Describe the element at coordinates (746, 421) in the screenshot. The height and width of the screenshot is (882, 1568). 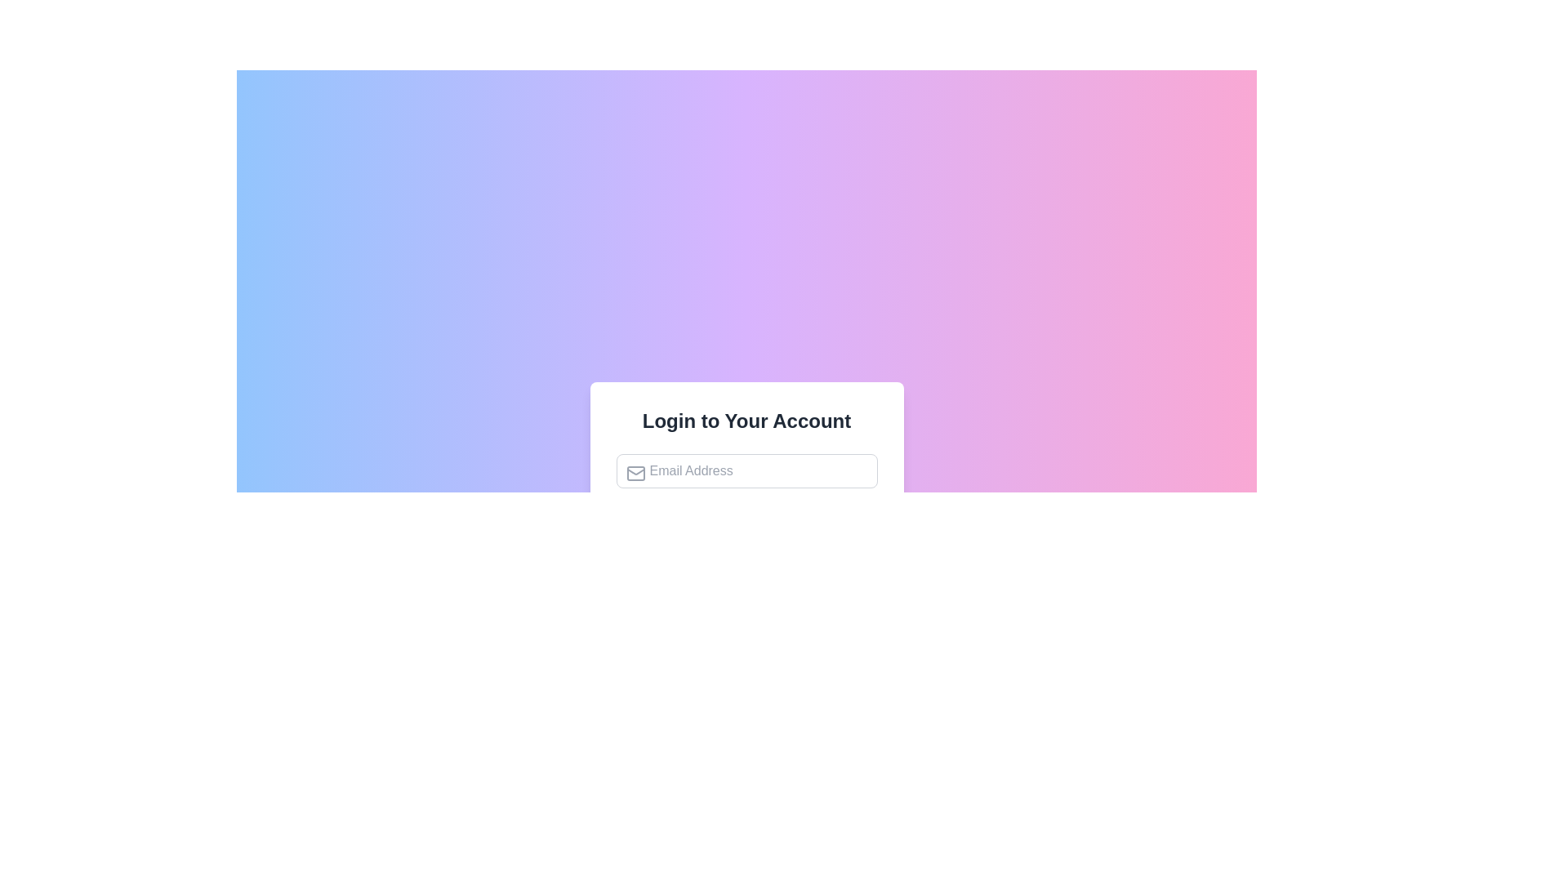
I see `the centered text label element that displays 'Login to Your Account', which is a bold, dark grey header located at the top of a white rectangular background box` at that location.